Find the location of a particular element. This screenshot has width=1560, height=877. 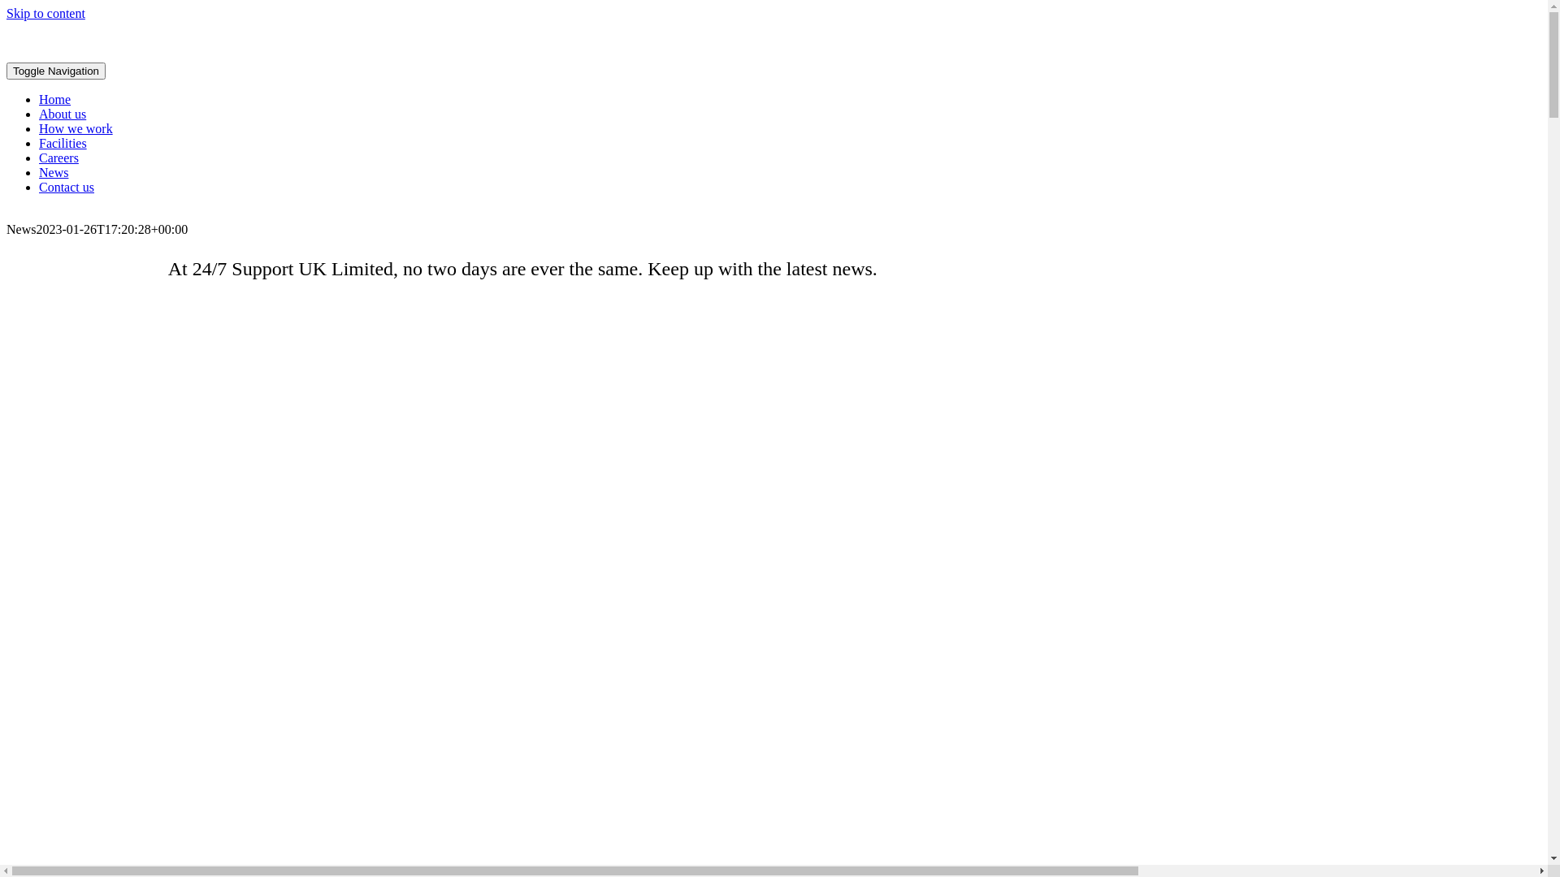

'Facilities' is located at coordinates (39, 142).